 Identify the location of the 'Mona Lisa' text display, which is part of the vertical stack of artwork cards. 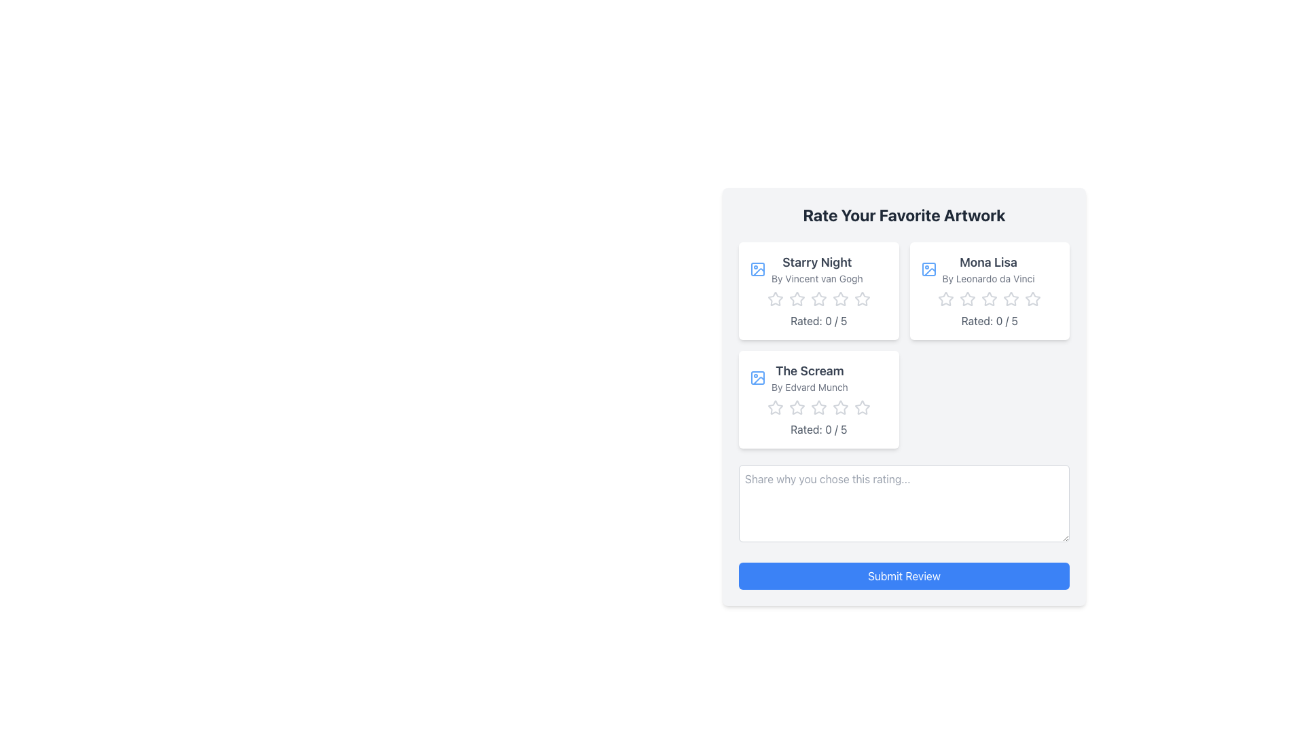
(988, 269).